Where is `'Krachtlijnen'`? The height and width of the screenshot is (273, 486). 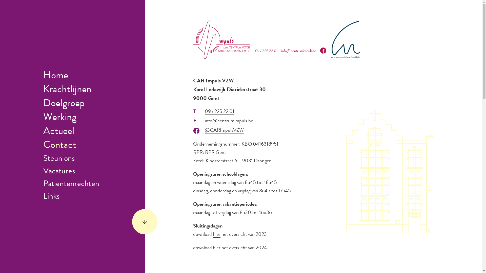
'Krachtlijnen' is located at coordinates (67, 90).